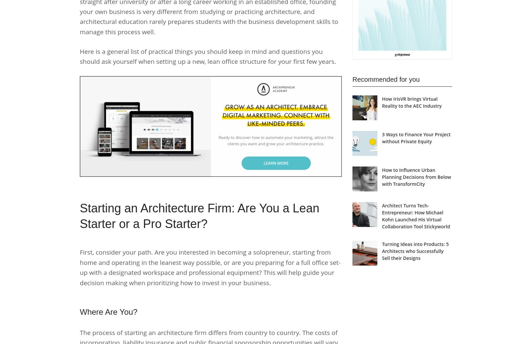 This screenshot has height=344, width=532. Describe the element at coordinates (416, 176) in the screenshot. I see `'How to Influence Urban Planning Decisions from Below with TransformCity'` at that location.